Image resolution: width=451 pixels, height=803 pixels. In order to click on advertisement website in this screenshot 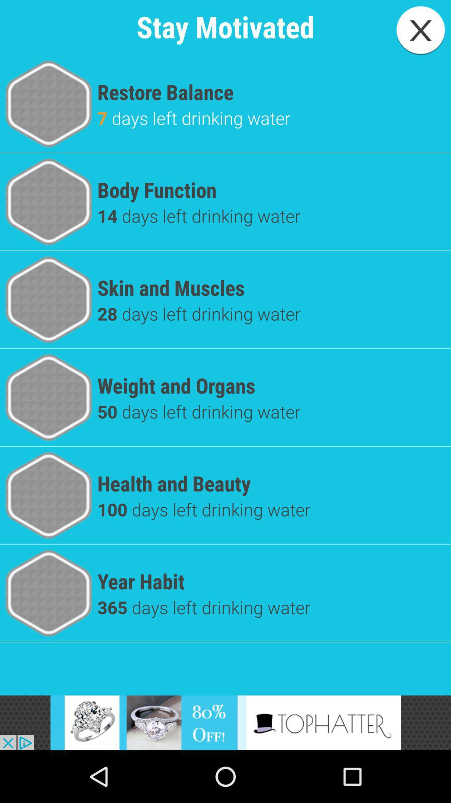, I will do `click(225, 722)`.